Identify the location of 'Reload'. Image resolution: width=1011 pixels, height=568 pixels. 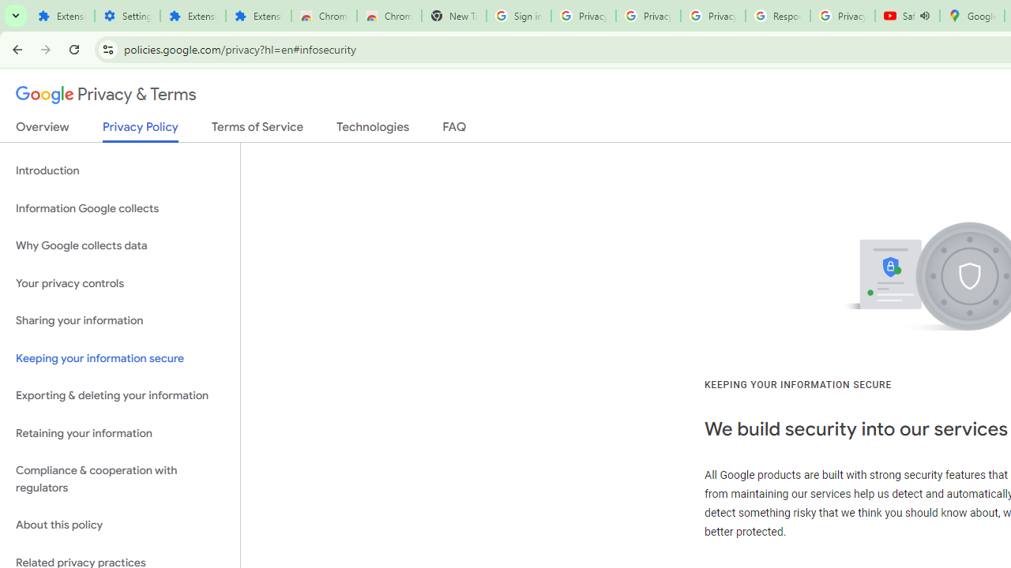
(73, 48).